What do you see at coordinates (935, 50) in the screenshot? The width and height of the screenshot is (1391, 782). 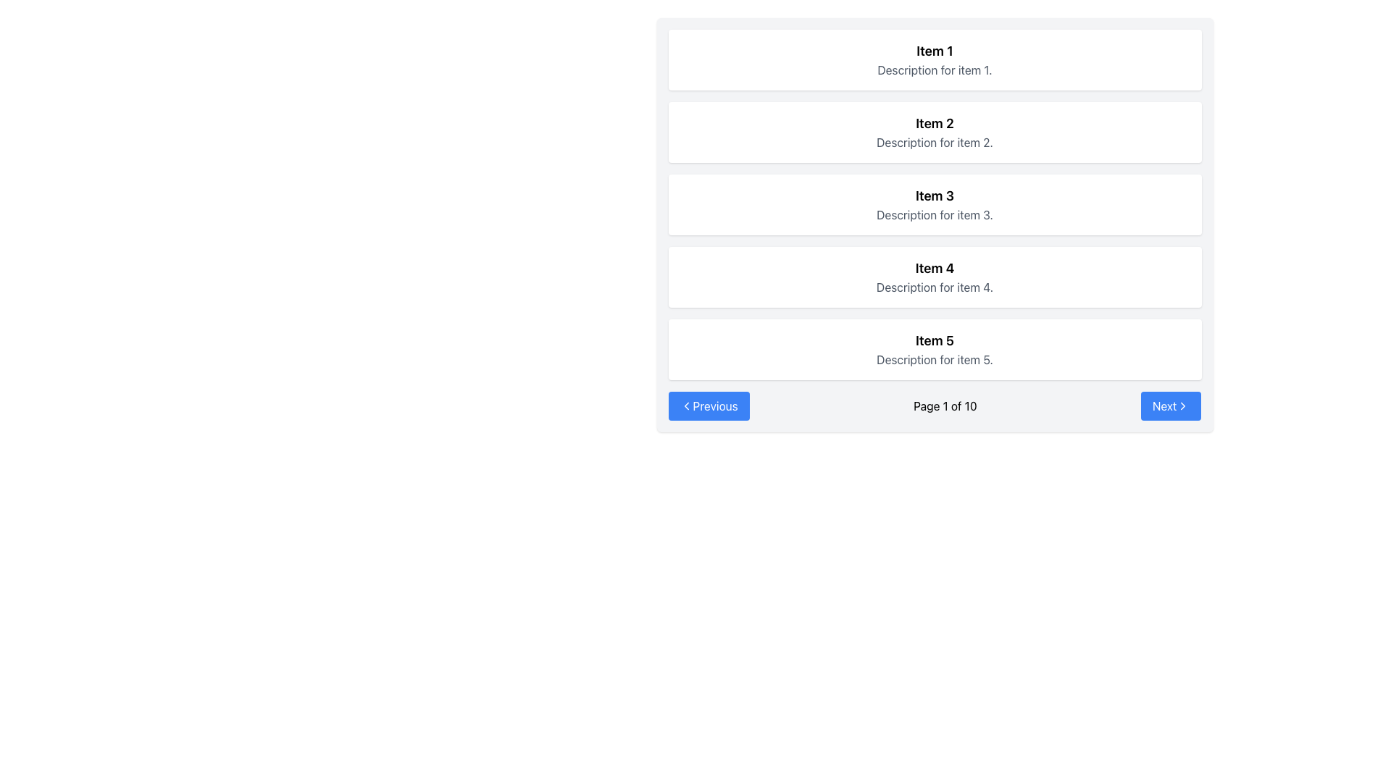 I see `label text of the text labeled 'Item 1', which is styled with a large font and bold weight, positioned at the top of the first list item` at bounding box center [935, 50].